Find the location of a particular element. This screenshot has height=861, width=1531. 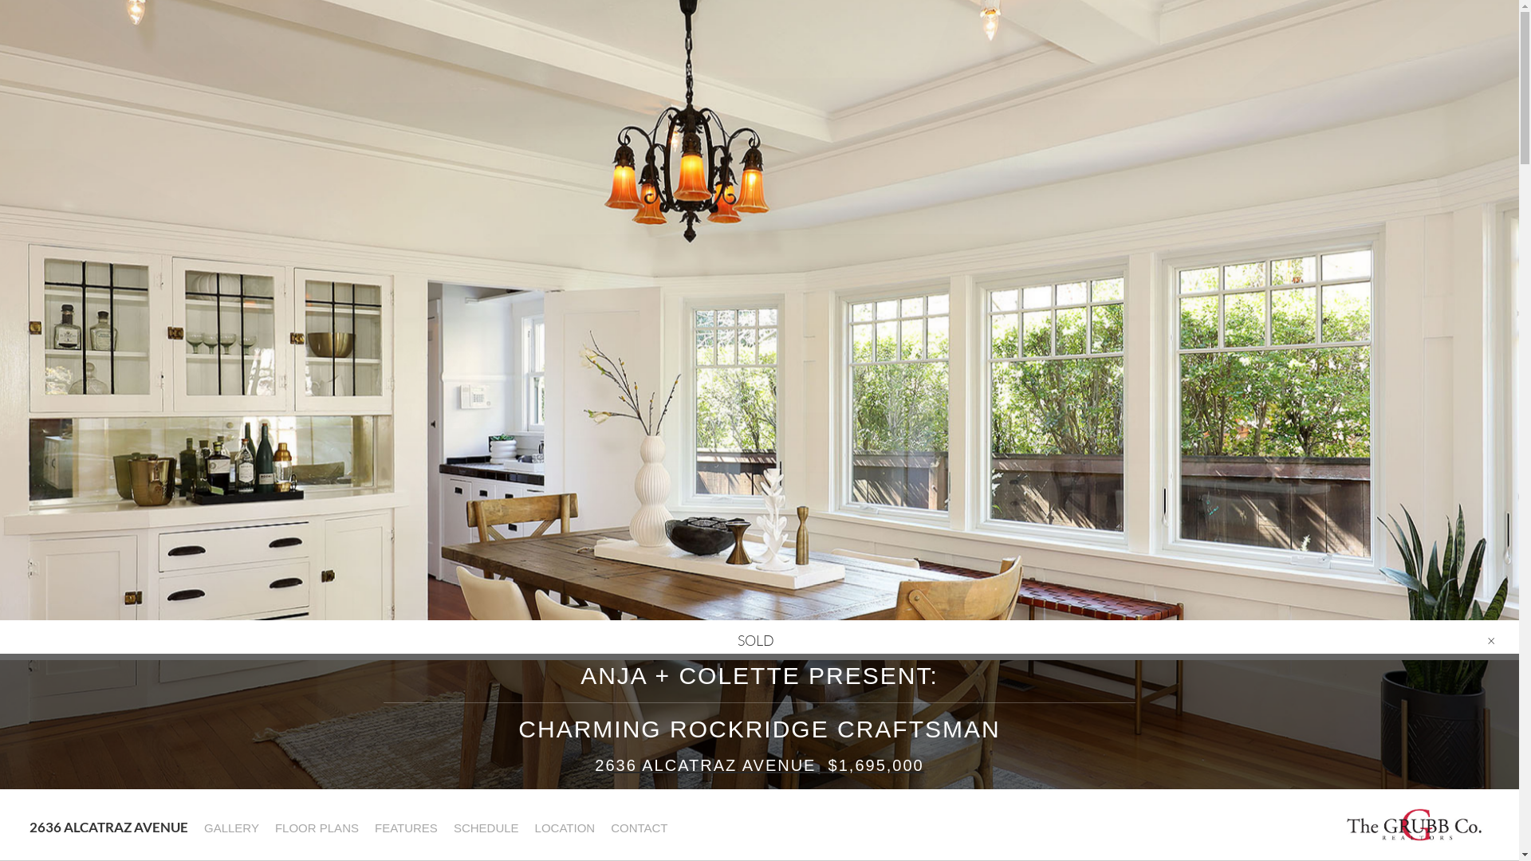

'2636 ALCATRAZ AVENUE' is located at coordinates (107, 826).